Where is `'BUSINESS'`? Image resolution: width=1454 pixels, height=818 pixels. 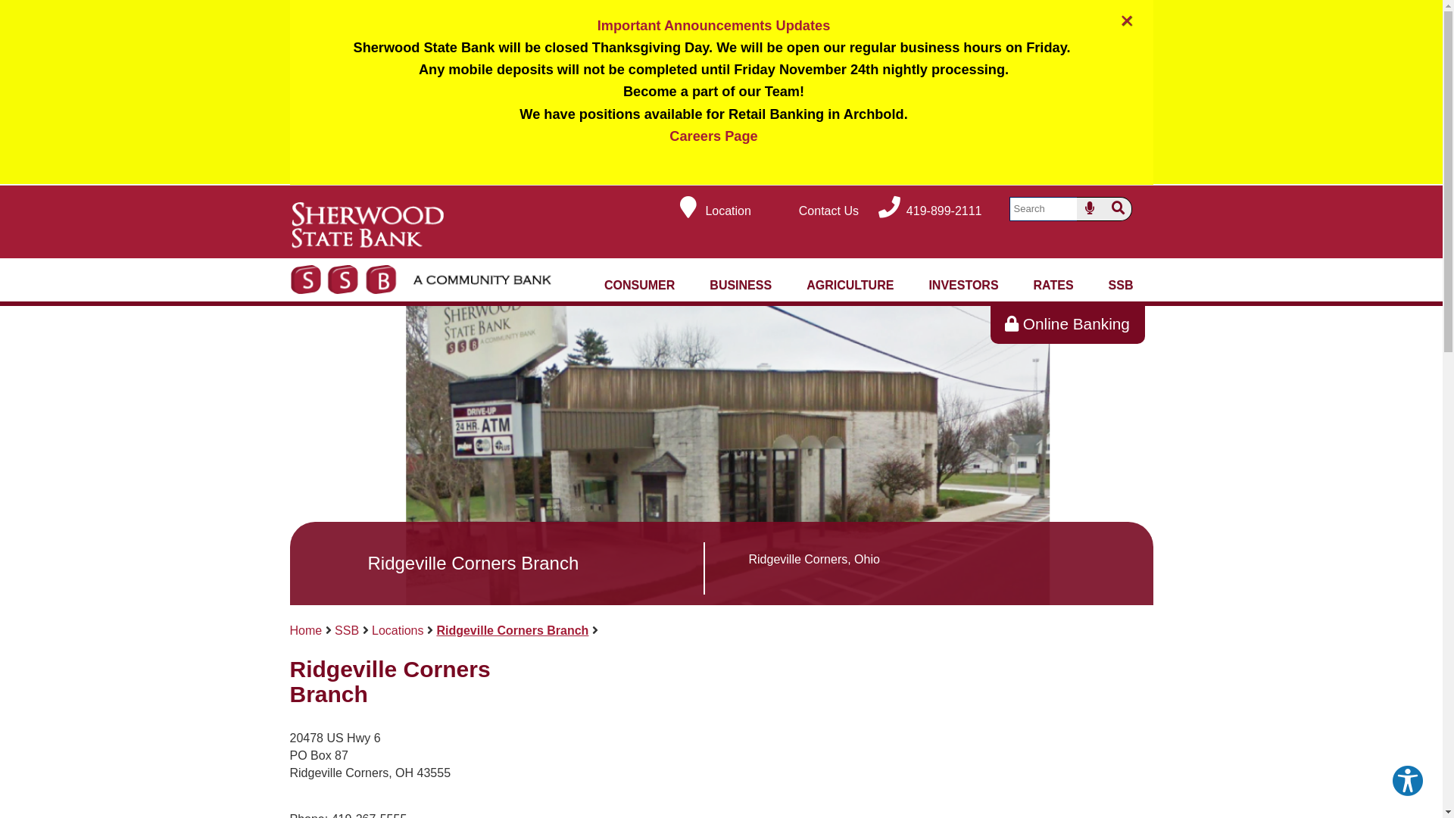
'BUSINESS' is located at coordinates (741, 286).